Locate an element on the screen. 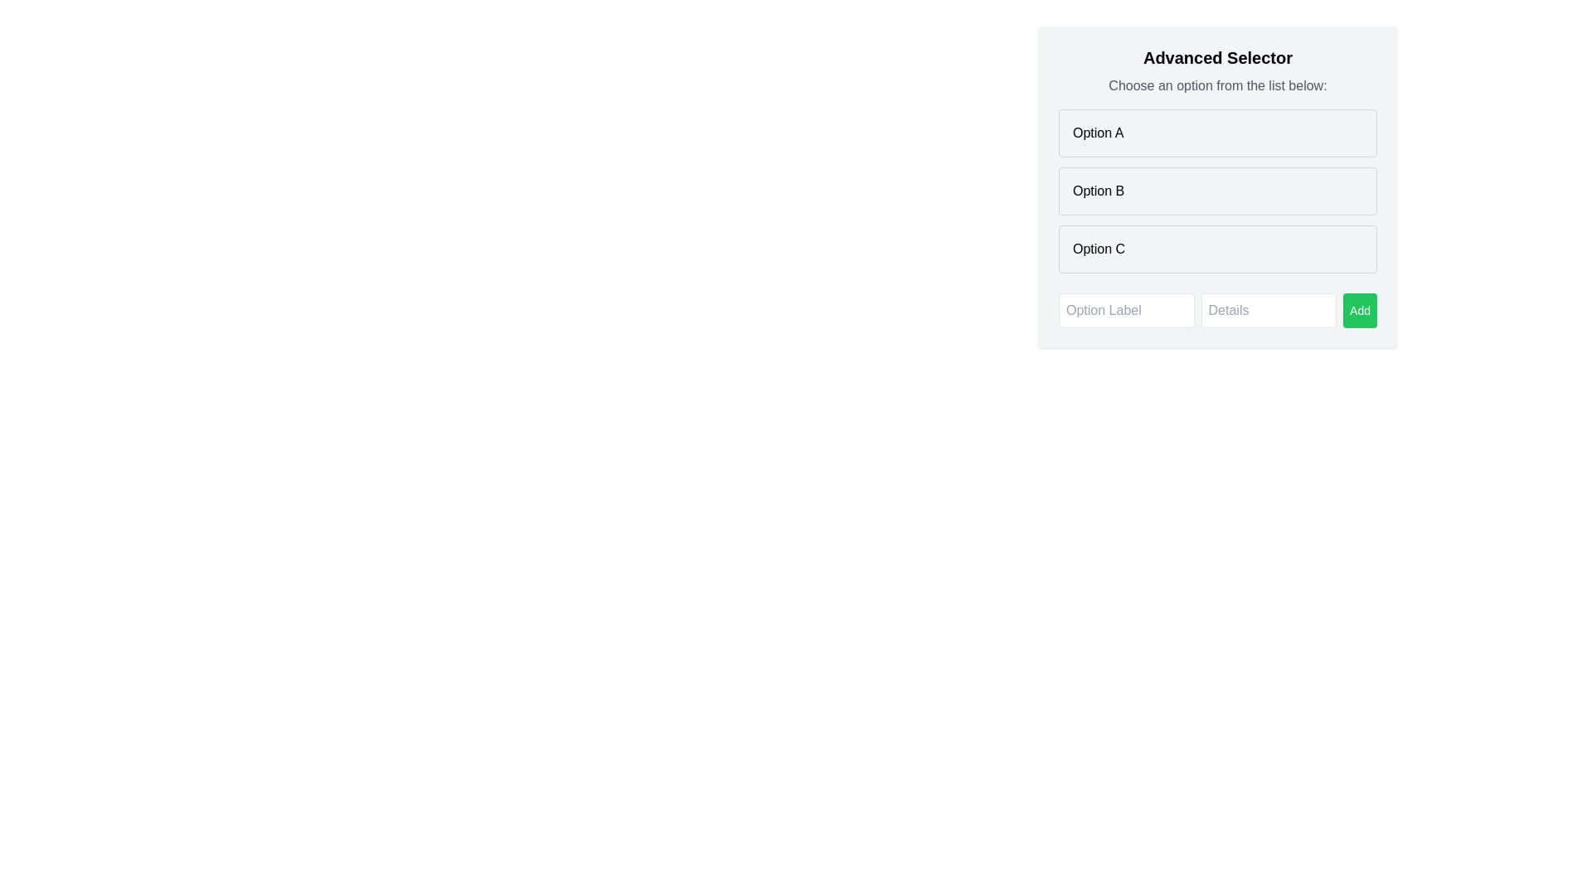  the first selectable list item labeled 'Option A' is located at coordinates (1217, 133).